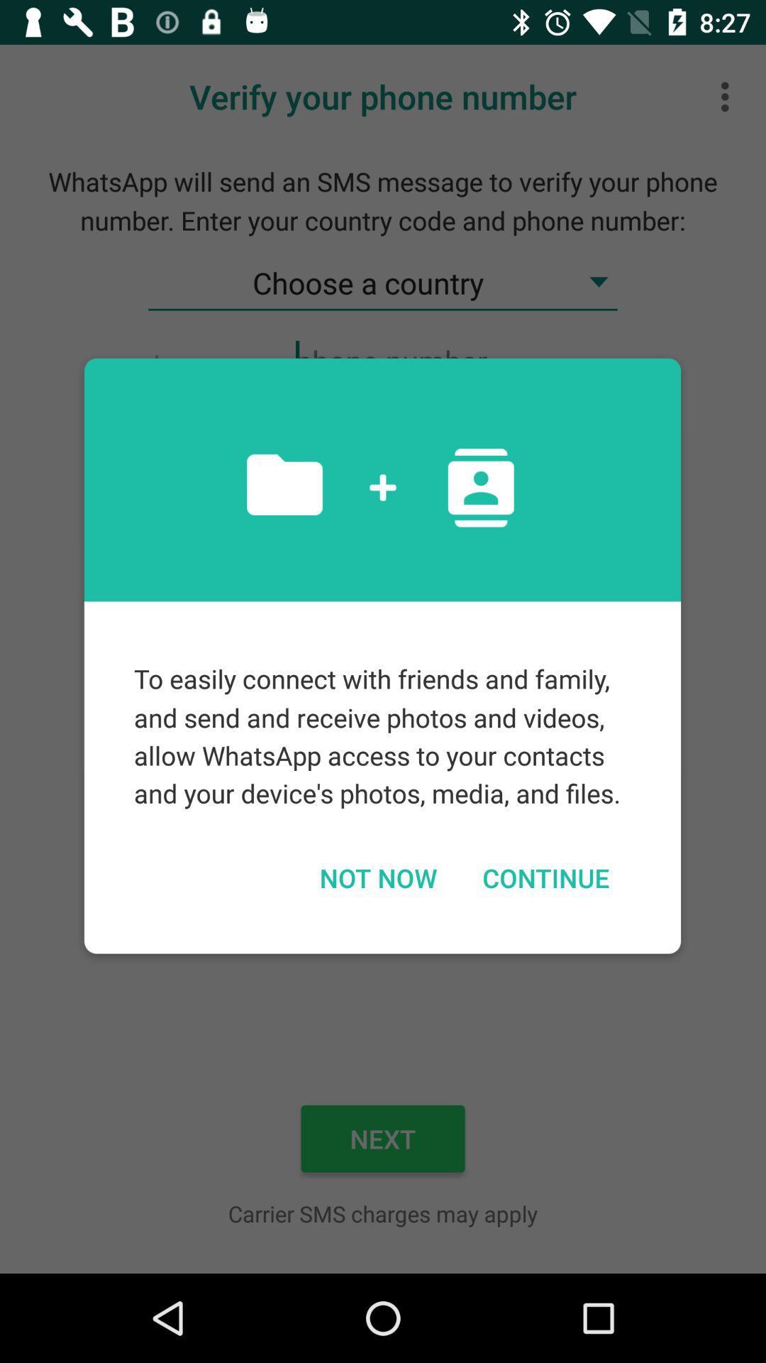  I want to click on the continue item, so click(545, 877).